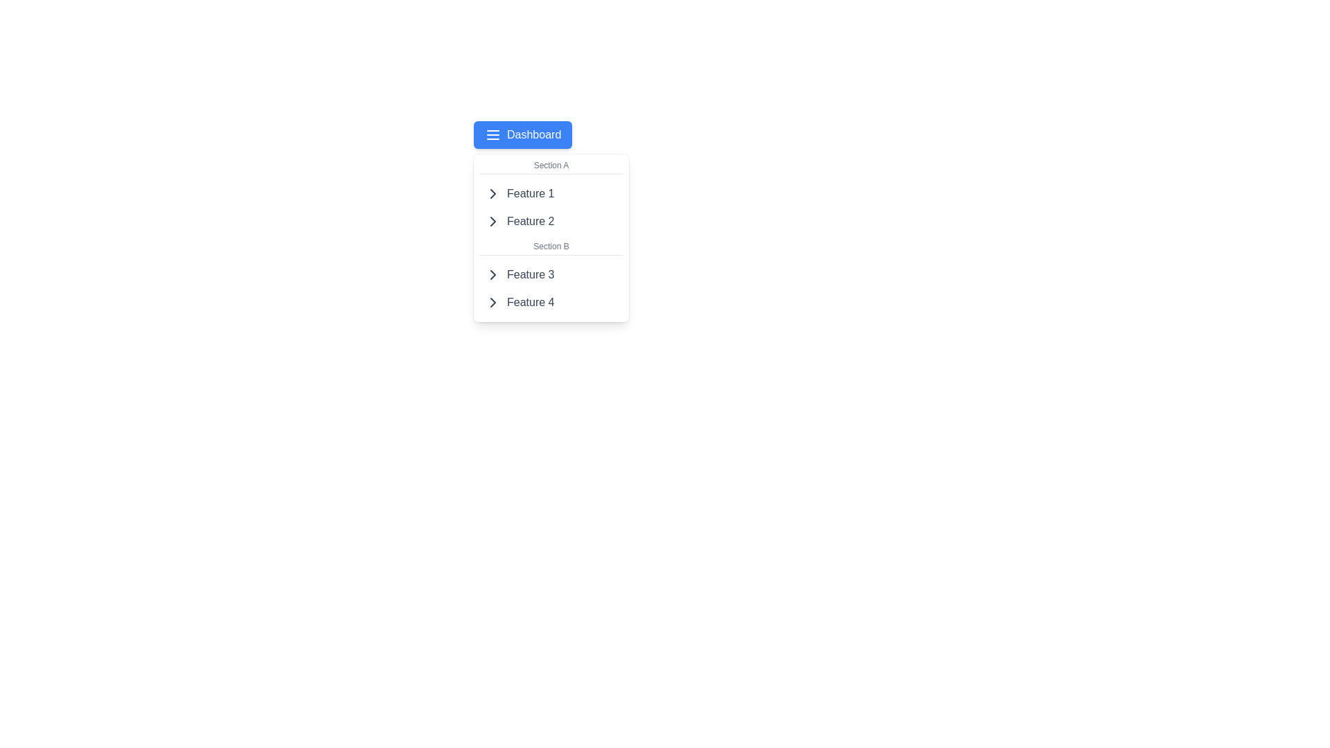  I want to click on the rightward-facing chevron icon associated with 'Feature 2', so click(493, 221).